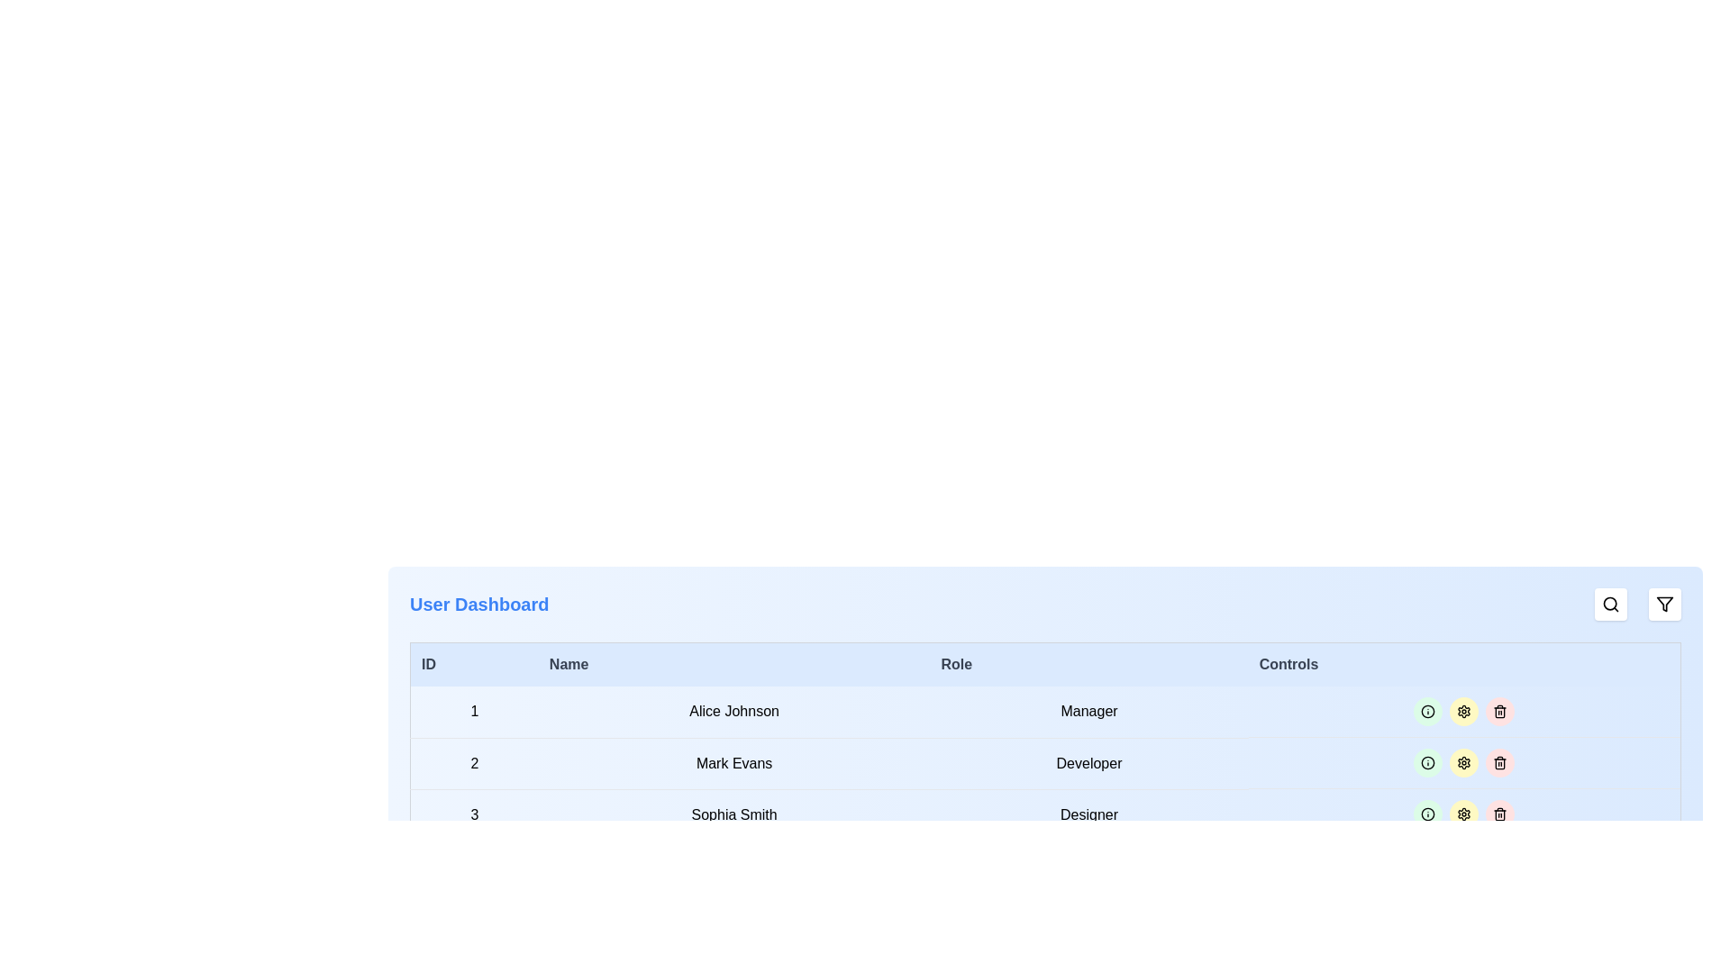 This screenshot has height=973, width=1730. I want to click on the trash icon representing the delete function located in the 'Controls' column for 'Alice Johnson', so click(1500, 711).